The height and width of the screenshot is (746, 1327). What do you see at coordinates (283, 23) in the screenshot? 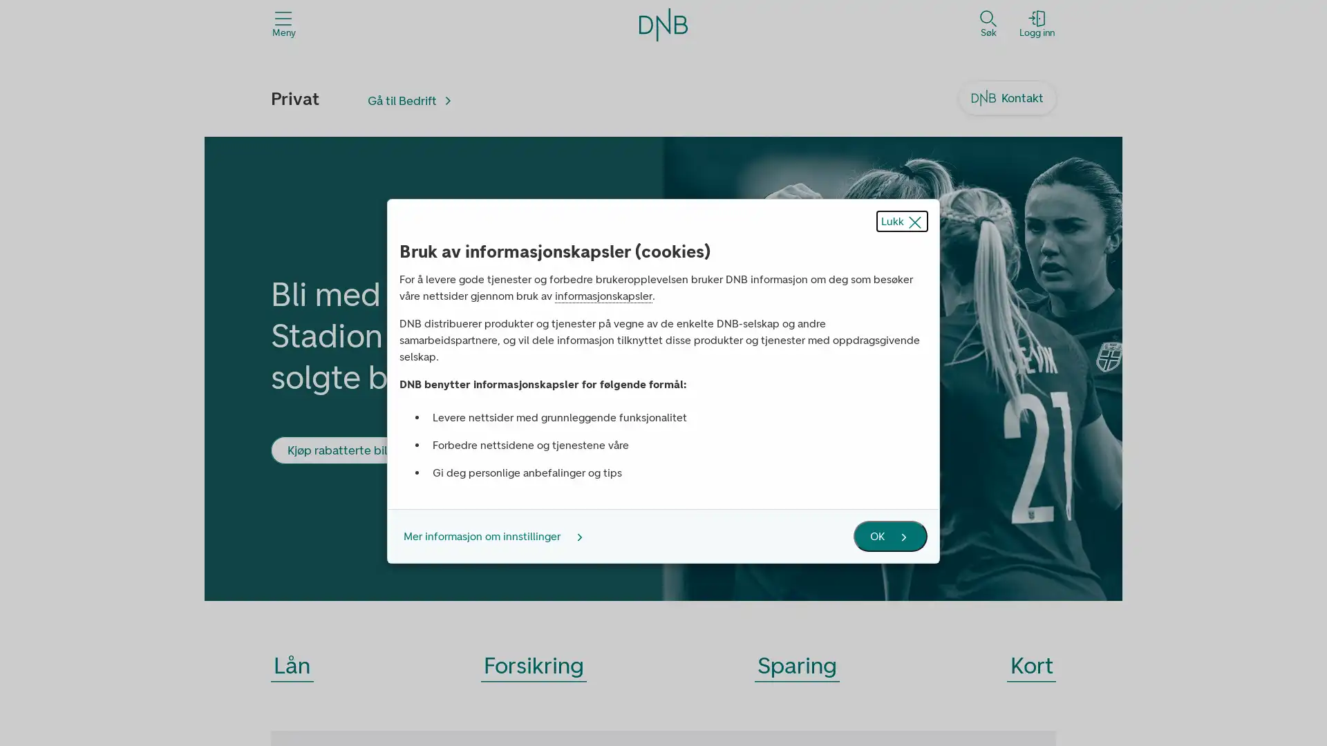
I see `Meny` at bounding box center [283, 23].